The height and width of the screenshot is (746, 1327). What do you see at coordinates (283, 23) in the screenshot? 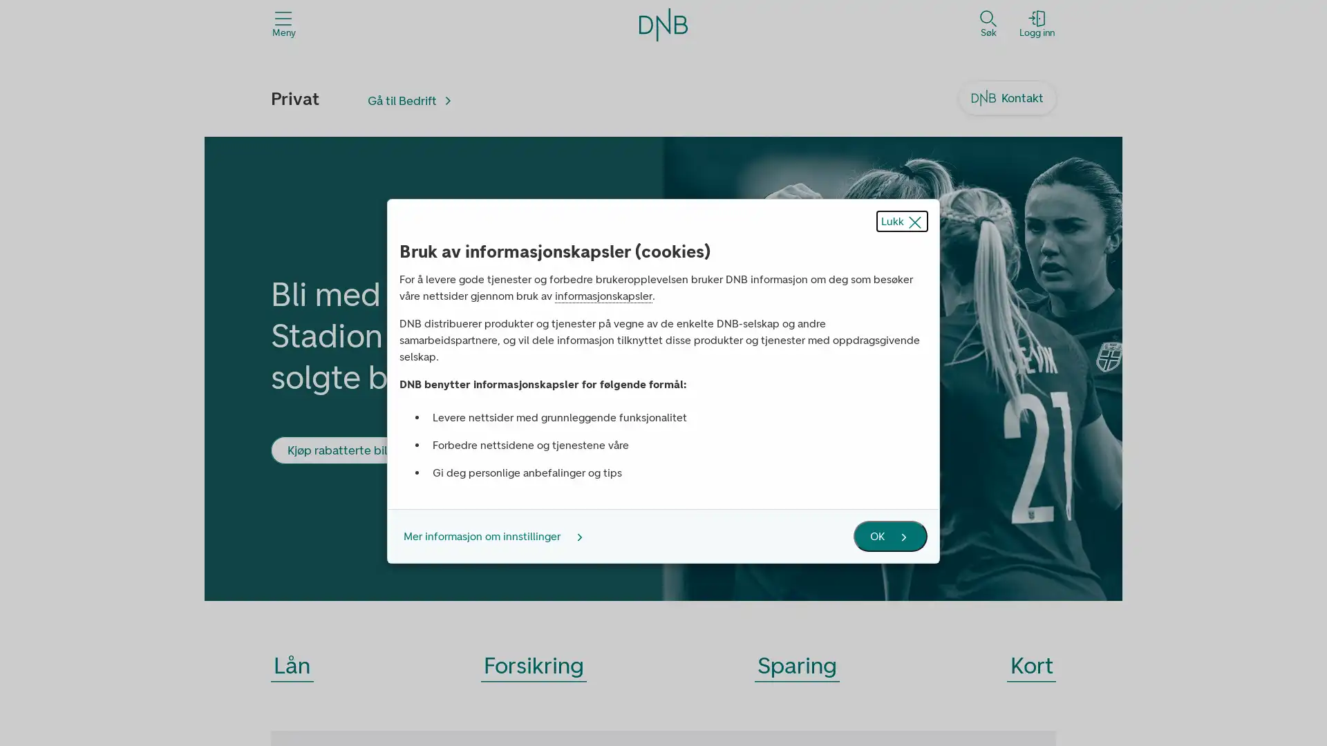
I see `Meny` at bounding box center [283, 23].